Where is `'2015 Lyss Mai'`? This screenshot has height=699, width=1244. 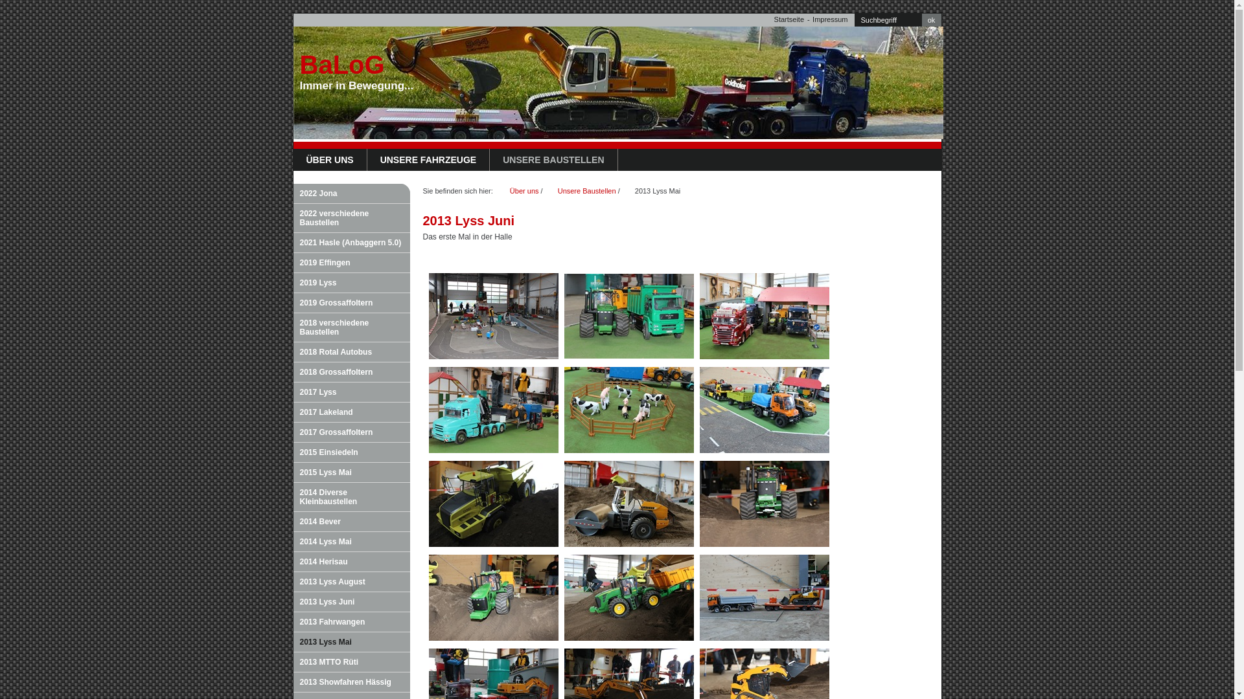
'2015 Lyss Mai' is located at coordinates (351, 472).